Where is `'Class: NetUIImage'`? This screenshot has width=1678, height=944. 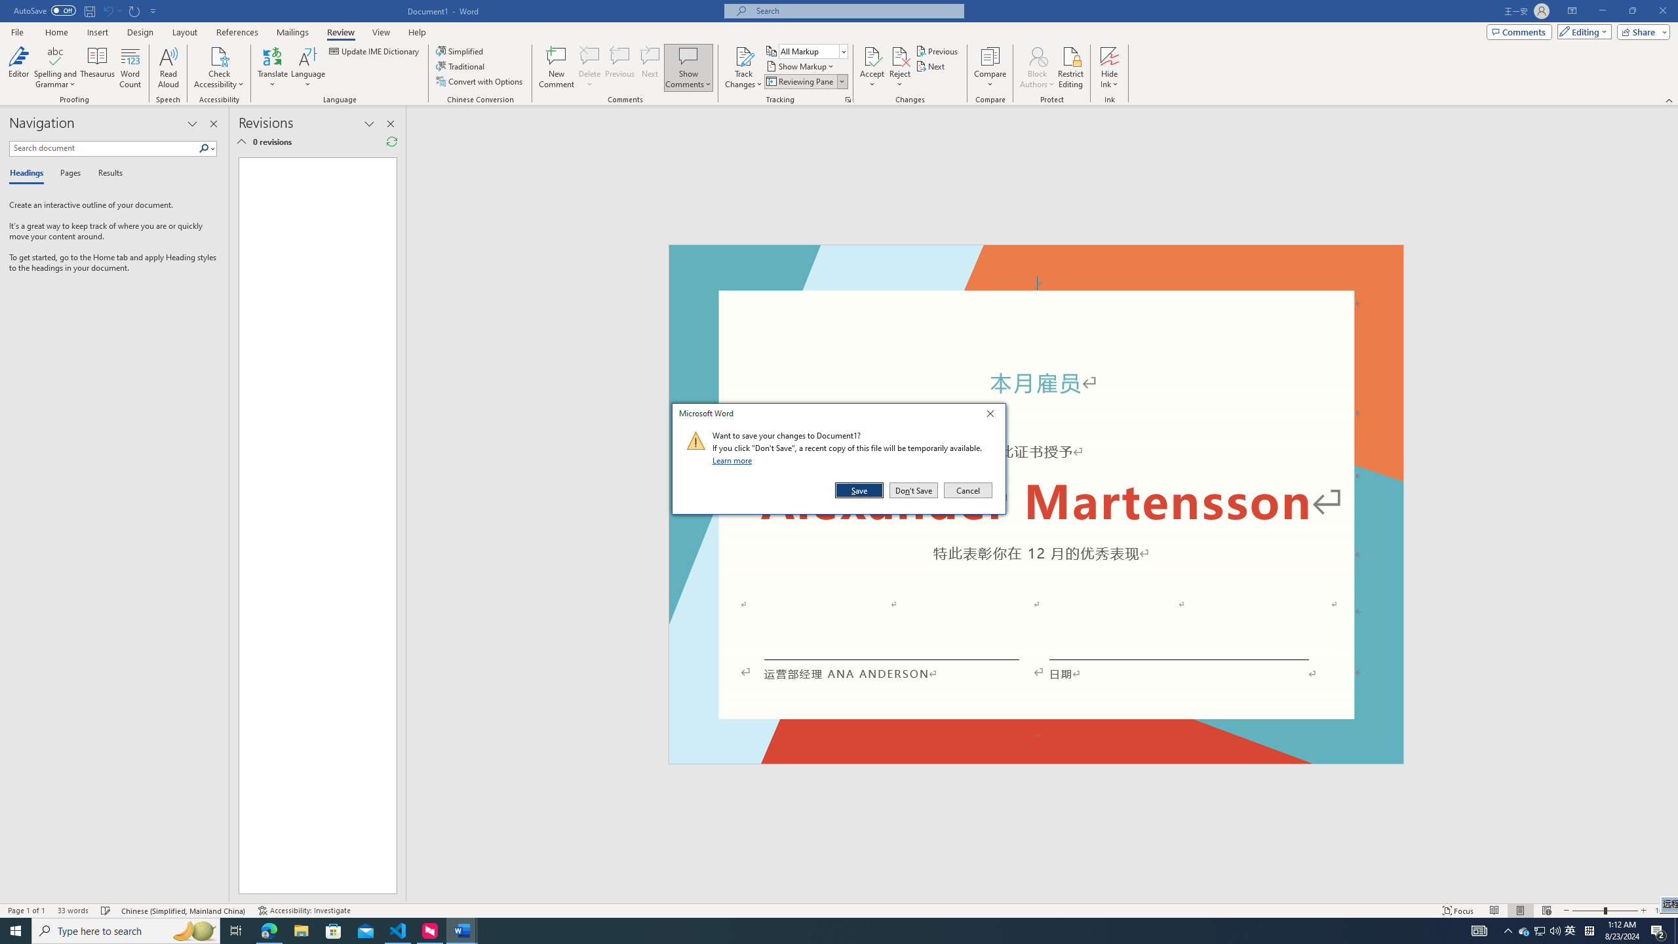 'Class: NetUIImage' is located at coordinates (695, 440).